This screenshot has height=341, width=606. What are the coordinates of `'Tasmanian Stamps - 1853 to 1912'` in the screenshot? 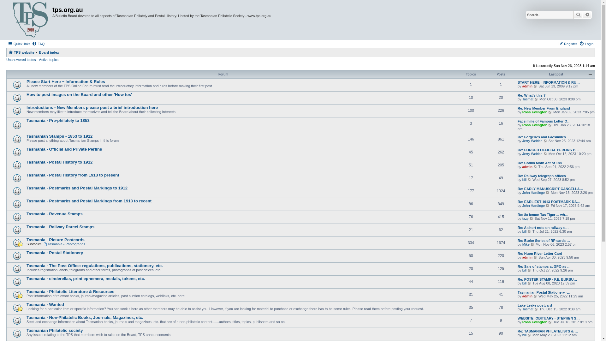 It's located at (59, 136).